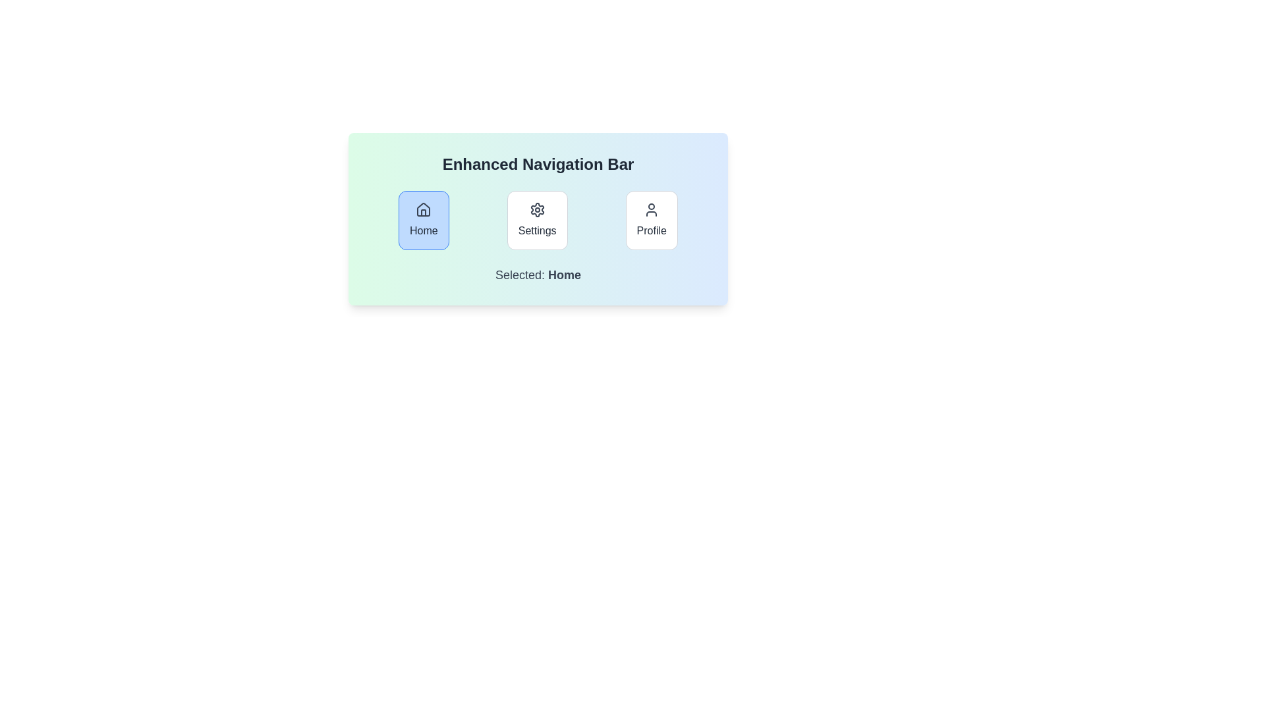 The image size is (1265, 711). I want to click on the Text Label that serves as the title or header of the navigation section, which is centrally aligned above the buttons labeled 'Home', 'Settings', and 'Profile', so click(538, 164).